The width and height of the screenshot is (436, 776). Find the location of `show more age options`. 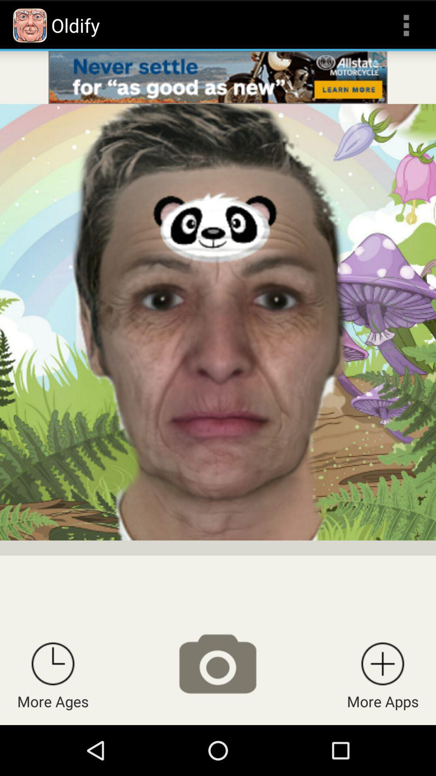

show more age options is located at coordinates (53, 664).